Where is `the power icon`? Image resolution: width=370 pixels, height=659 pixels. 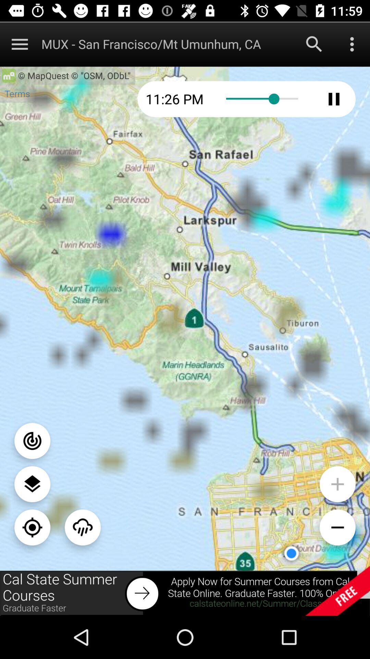 the power icon is located at coordinates (32, 441).